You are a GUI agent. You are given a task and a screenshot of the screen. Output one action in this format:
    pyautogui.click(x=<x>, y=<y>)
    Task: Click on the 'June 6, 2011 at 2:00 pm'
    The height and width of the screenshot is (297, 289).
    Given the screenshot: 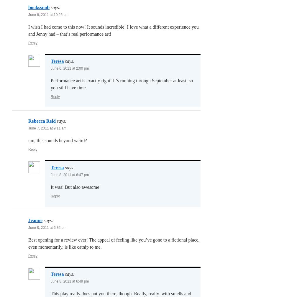 What is the action you would take?
    pyautogui.click(x=70, y=68)
    